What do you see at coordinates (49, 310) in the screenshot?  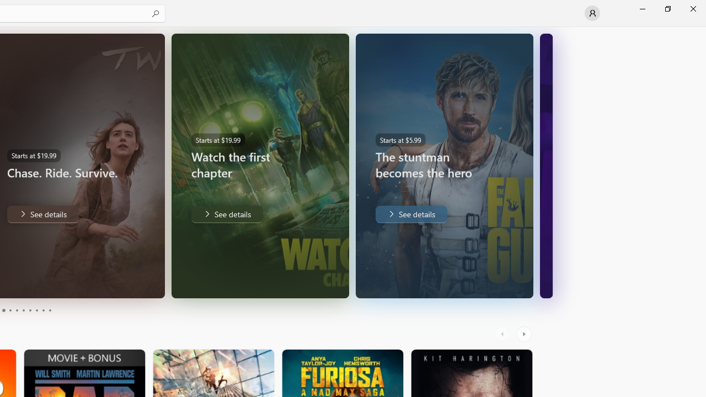 I see `'Page 10'` at bounding box center [49, 310].